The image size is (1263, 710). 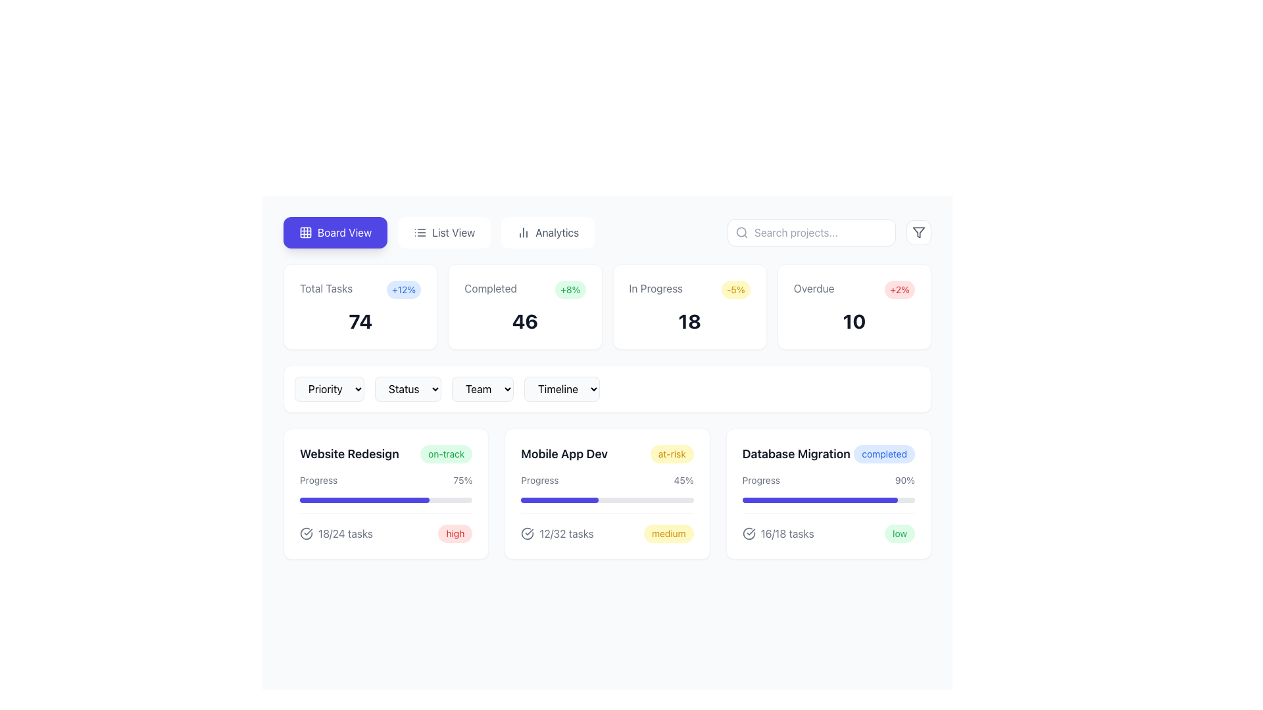 I want to click on the rounded label with the text 'on-track' that has a light green background, located to the right of 'Website Redesign', so click(x=446, y=453).